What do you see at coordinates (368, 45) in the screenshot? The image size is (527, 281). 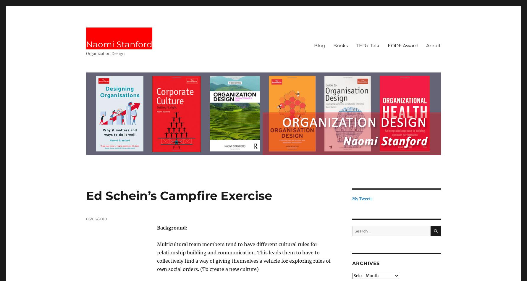 I see `'TEDx Talk'` at bounding box center [368, 45].